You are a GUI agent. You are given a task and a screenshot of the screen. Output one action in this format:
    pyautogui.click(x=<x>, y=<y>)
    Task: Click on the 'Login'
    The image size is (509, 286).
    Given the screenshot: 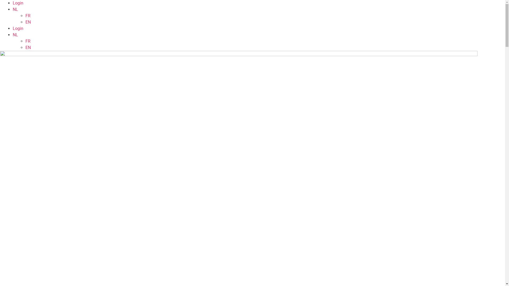 What is the action you would take?
    pyautogui.click(x=18, y=28)
    